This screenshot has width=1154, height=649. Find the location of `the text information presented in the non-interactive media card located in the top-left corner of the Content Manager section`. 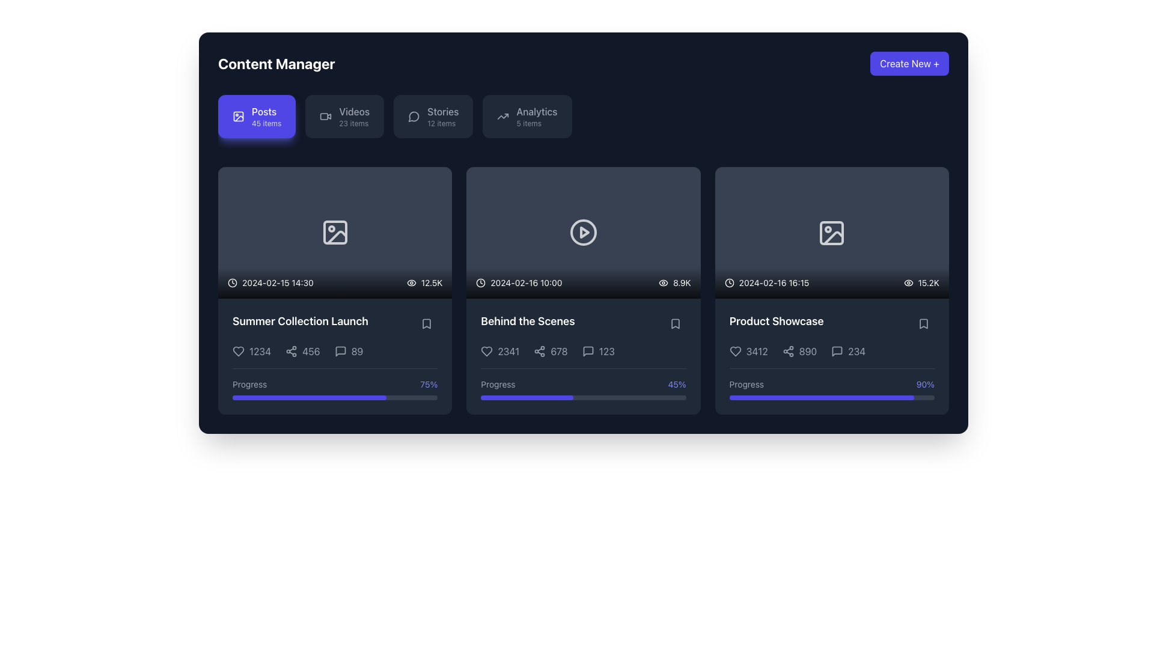

the text information presented in the non-interactive media card located in the top-left corner of the Content Manager section is located at coordinates (335, 233).